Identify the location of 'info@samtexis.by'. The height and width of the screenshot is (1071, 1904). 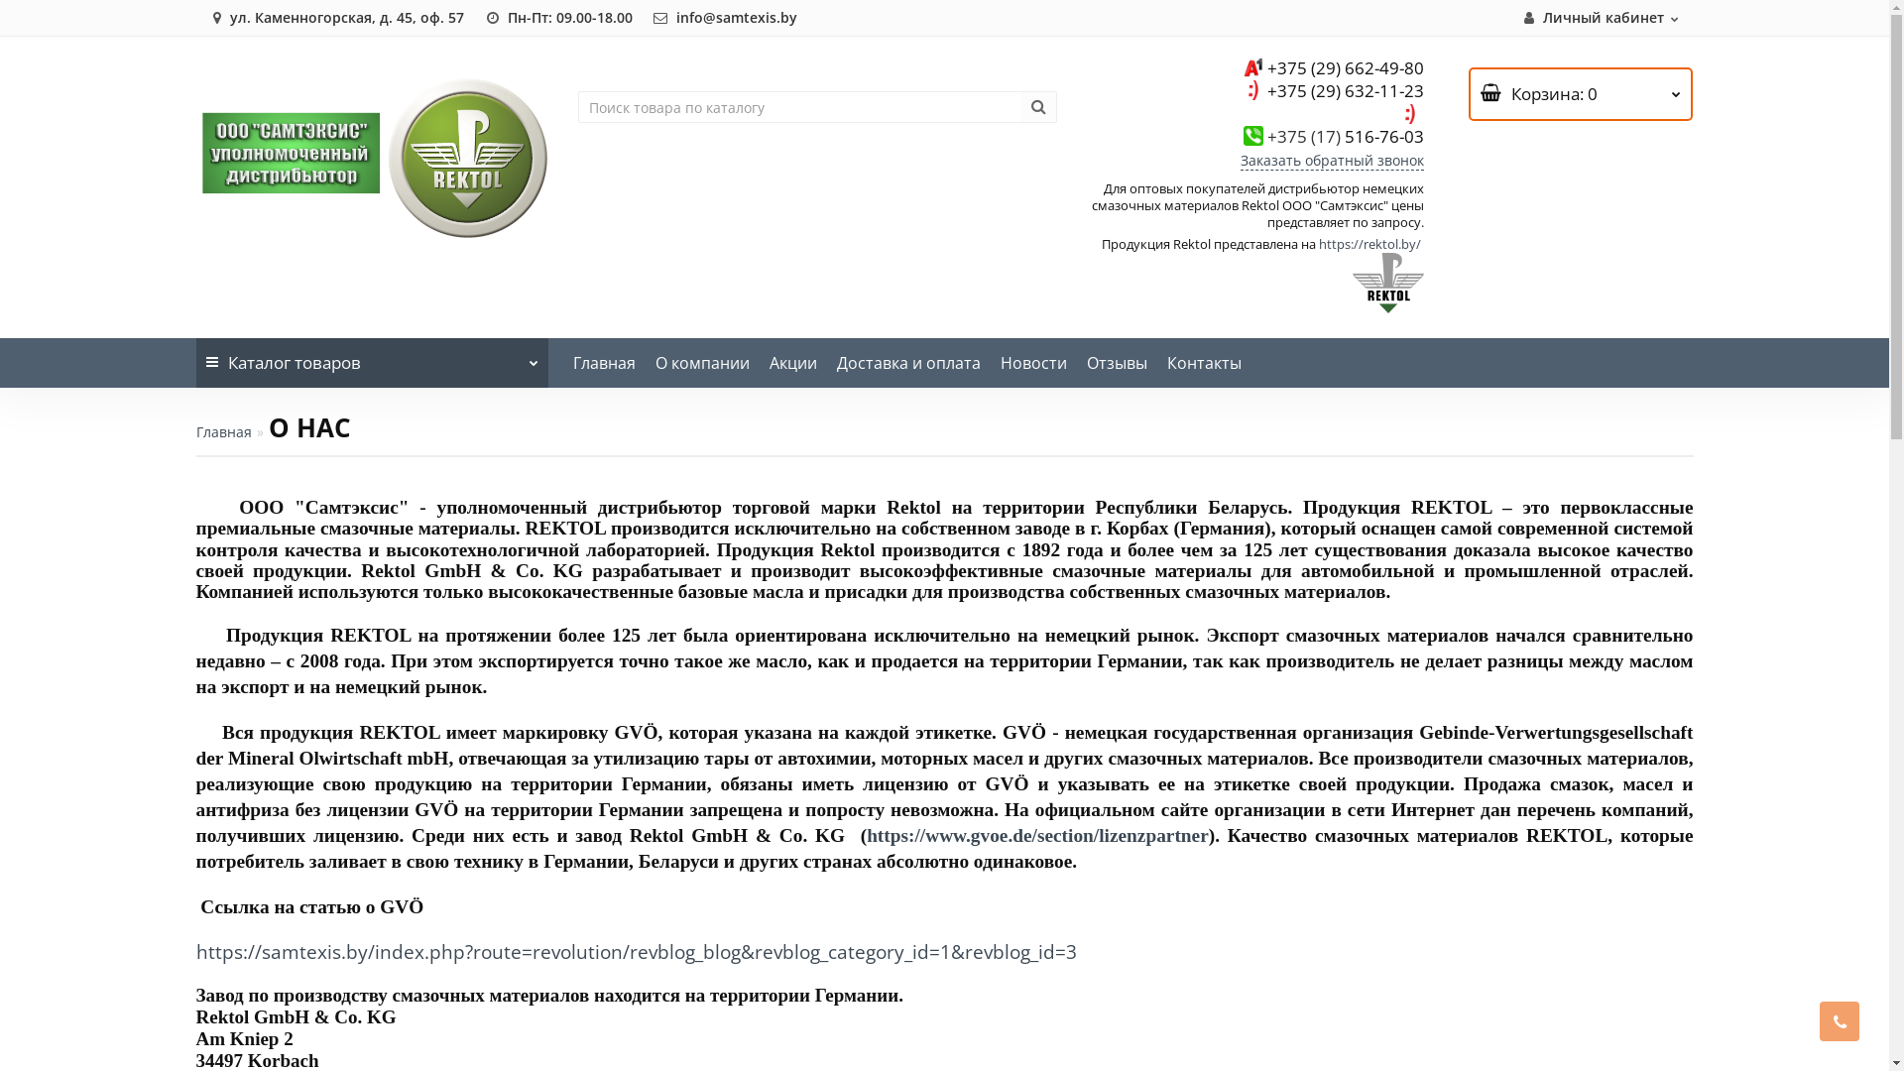
(723, 18).